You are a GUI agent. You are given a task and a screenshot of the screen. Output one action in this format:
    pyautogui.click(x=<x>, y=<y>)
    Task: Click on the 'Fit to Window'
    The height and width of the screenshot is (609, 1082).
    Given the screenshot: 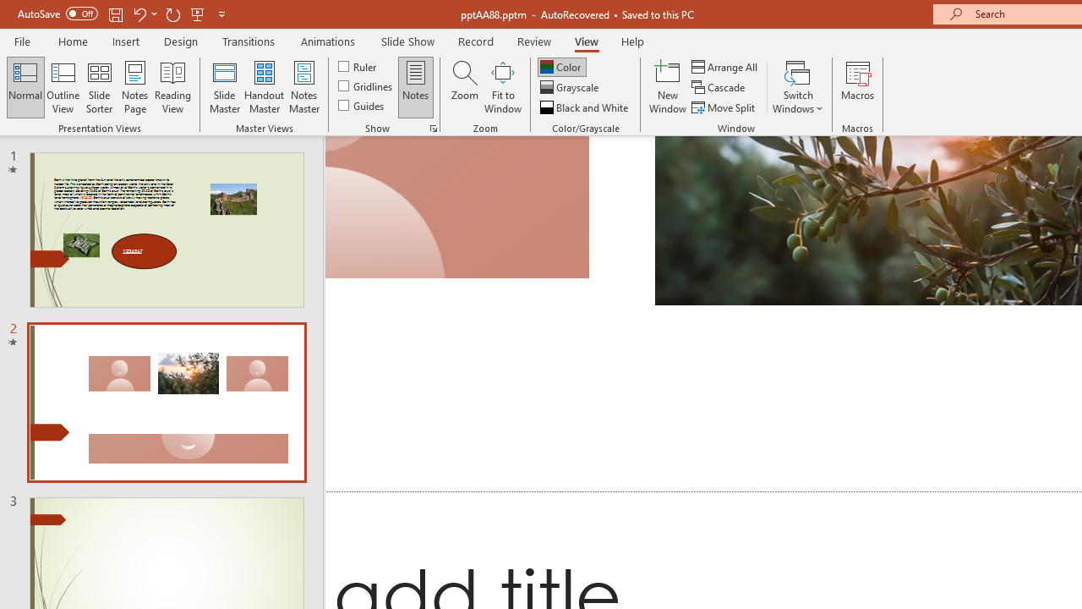 What is the action you would take?
    pyautogui.click(x=502, y=87)
    